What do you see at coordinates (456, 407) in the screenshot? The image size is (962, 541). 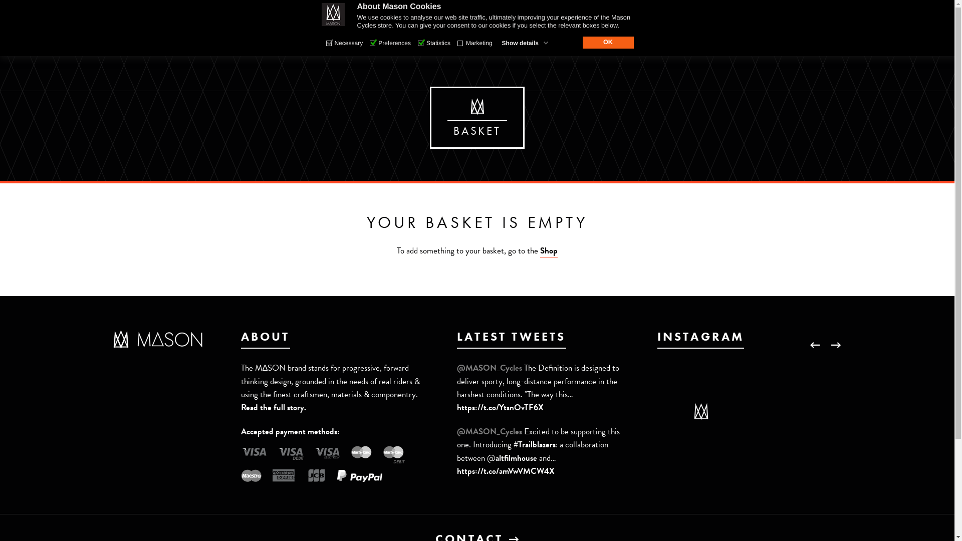 I see `'https://t.co/YtsnOvTF6X'` at bounding box center [456, 407].